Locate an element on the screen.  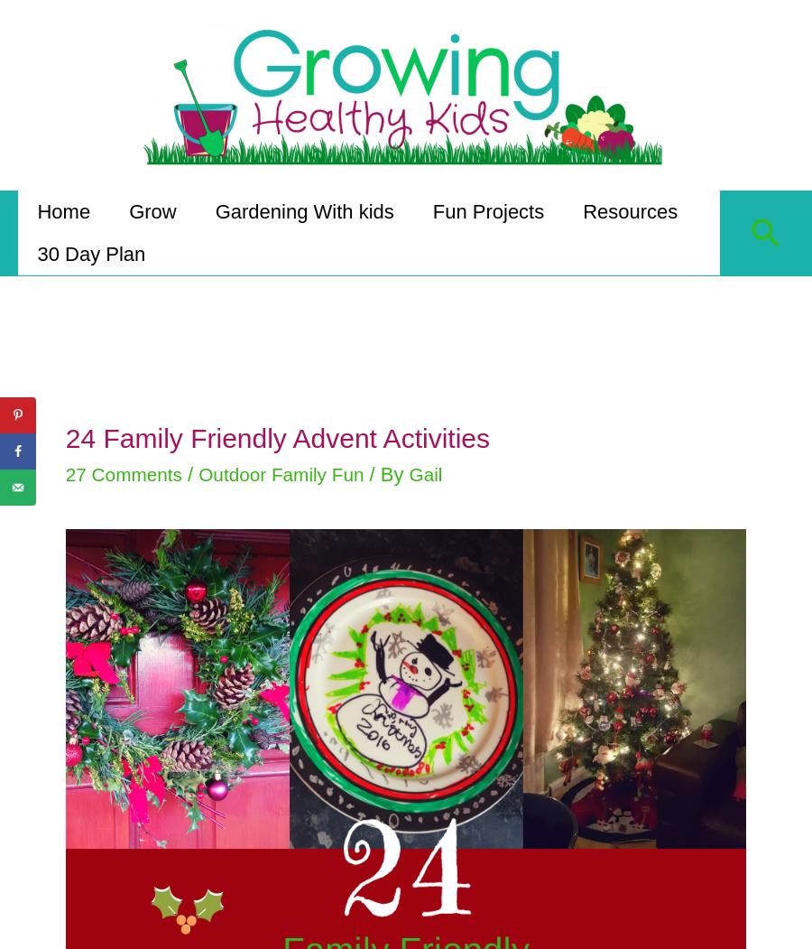
'Facebook' is located at coordinates (69, 451).